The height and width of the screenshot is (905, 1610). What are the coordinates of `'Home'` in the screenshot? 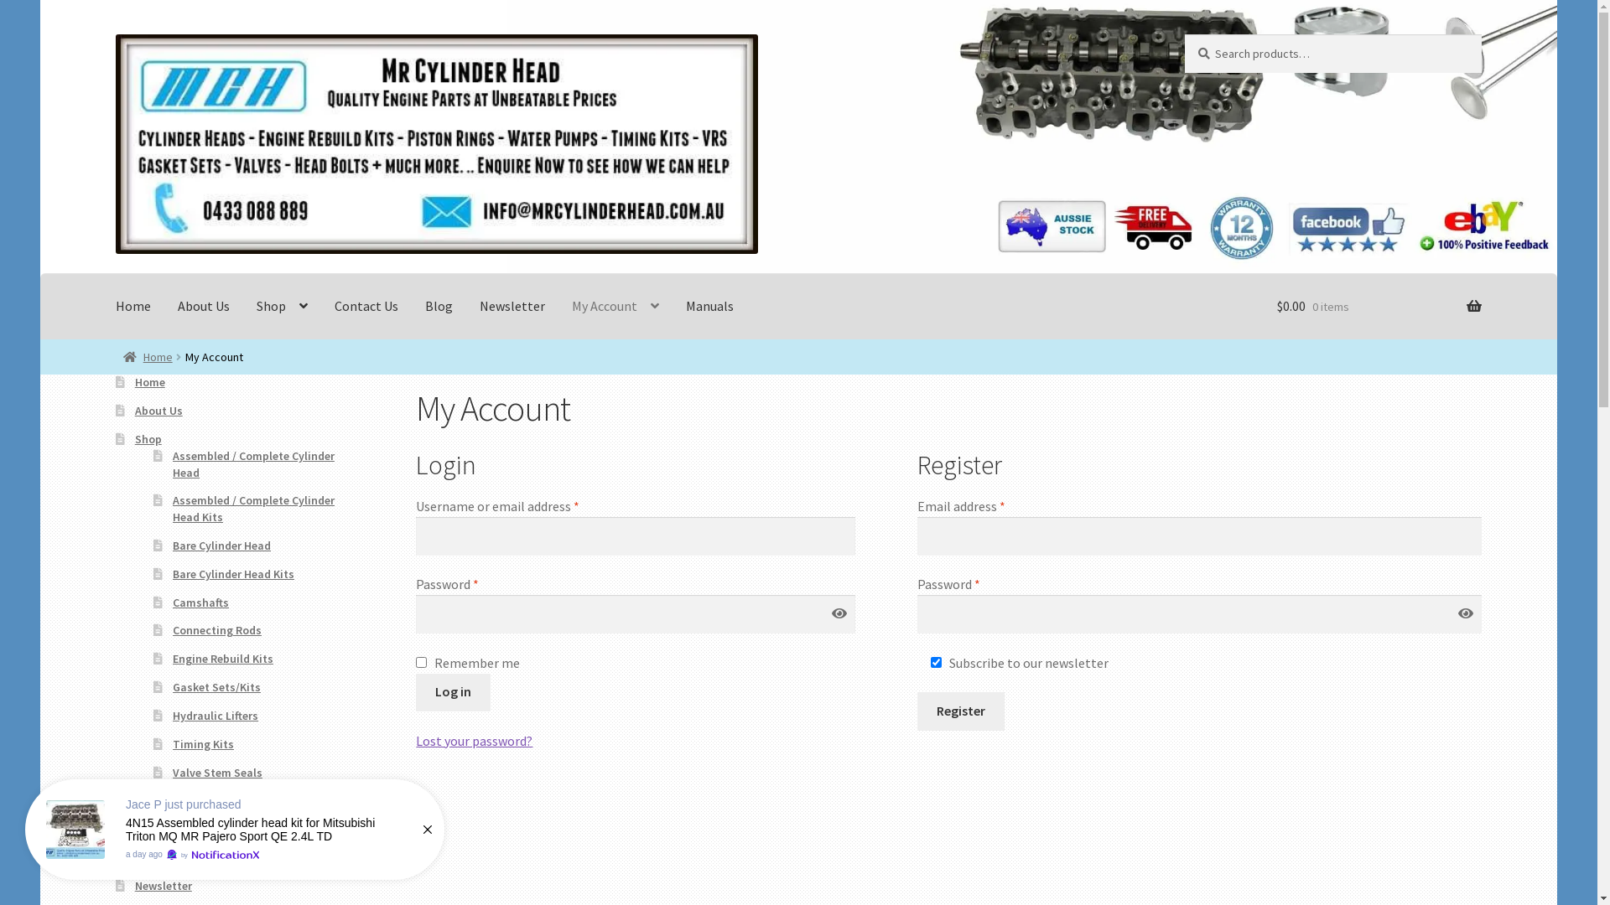 It's located at (149, 381).